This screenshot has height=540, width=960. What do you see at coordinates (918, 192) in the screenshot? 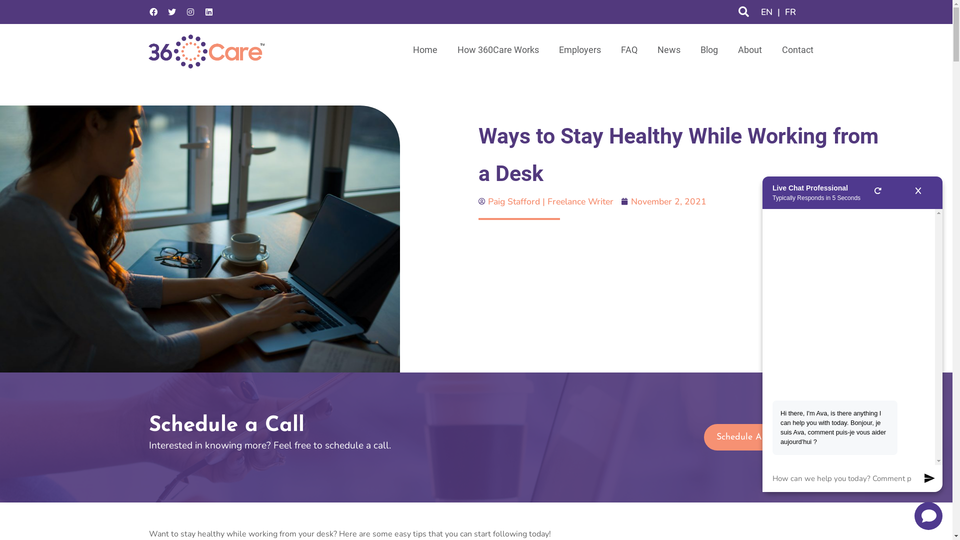
I see `'Close'` at bounding box center [918, 192].